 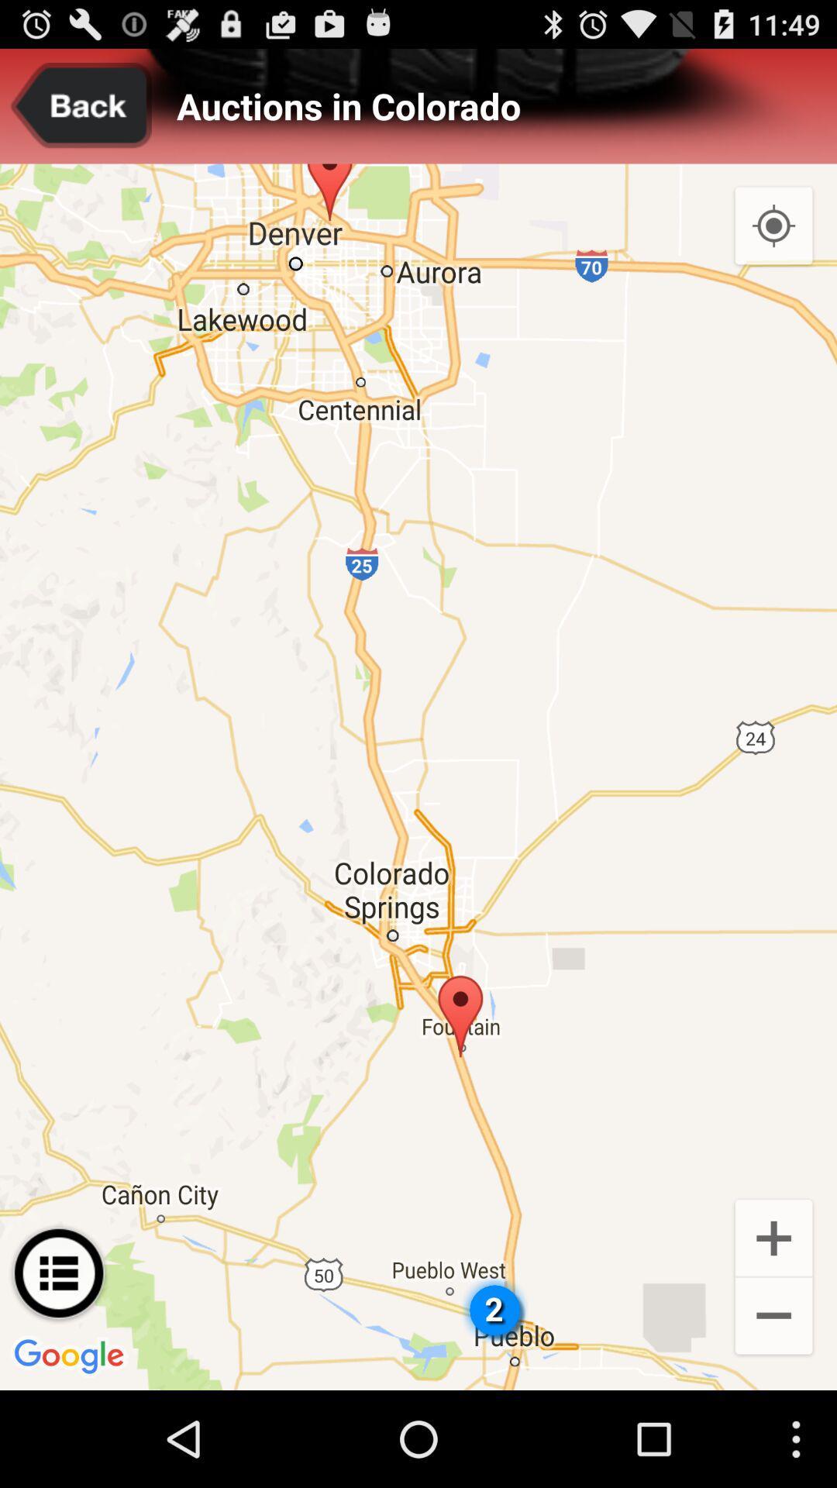 What do you see at coordinates (58, 1362) in the screenshot?
I see `the list icon` at bounding box center [58, 1362].